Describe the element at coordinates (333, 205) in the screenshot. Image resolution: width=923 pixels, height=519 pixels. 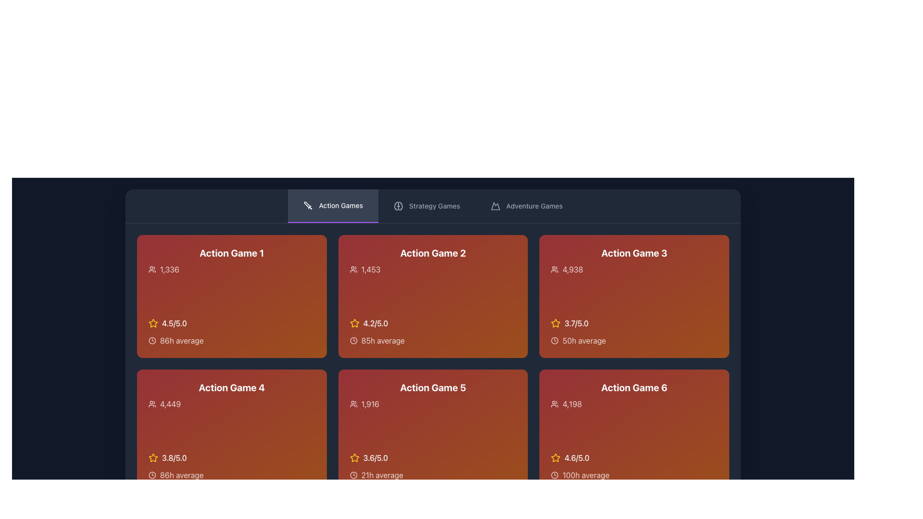
I see `the first tab option labeled 'Action Games' in the horizontal tab menu` at that location.